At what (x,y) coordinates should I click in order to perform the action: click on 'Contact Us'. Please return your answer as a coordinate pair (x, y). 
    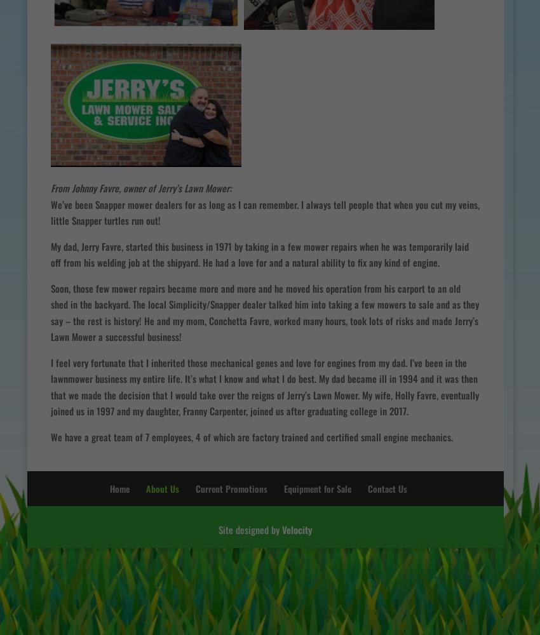
    Looking at the image, I should click on (386, 488).